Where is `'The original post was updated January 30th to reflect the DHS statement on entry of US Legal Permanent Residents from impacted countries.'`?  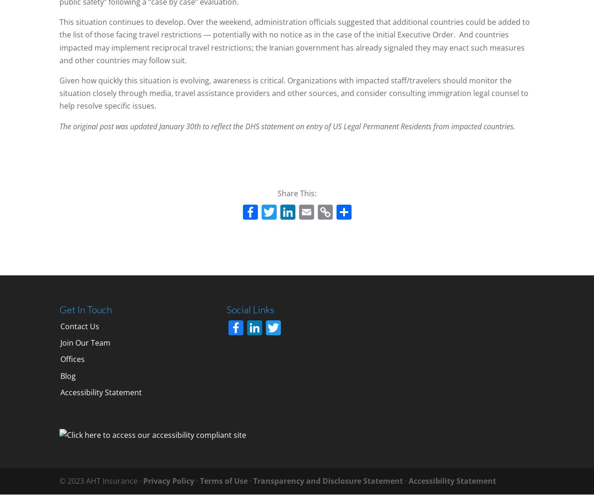 'The original post was updated January 30th to reflect the DHS statement on entry of US Legal Permanent Residents from impacted countries.' is located at coordinates (286, 126).